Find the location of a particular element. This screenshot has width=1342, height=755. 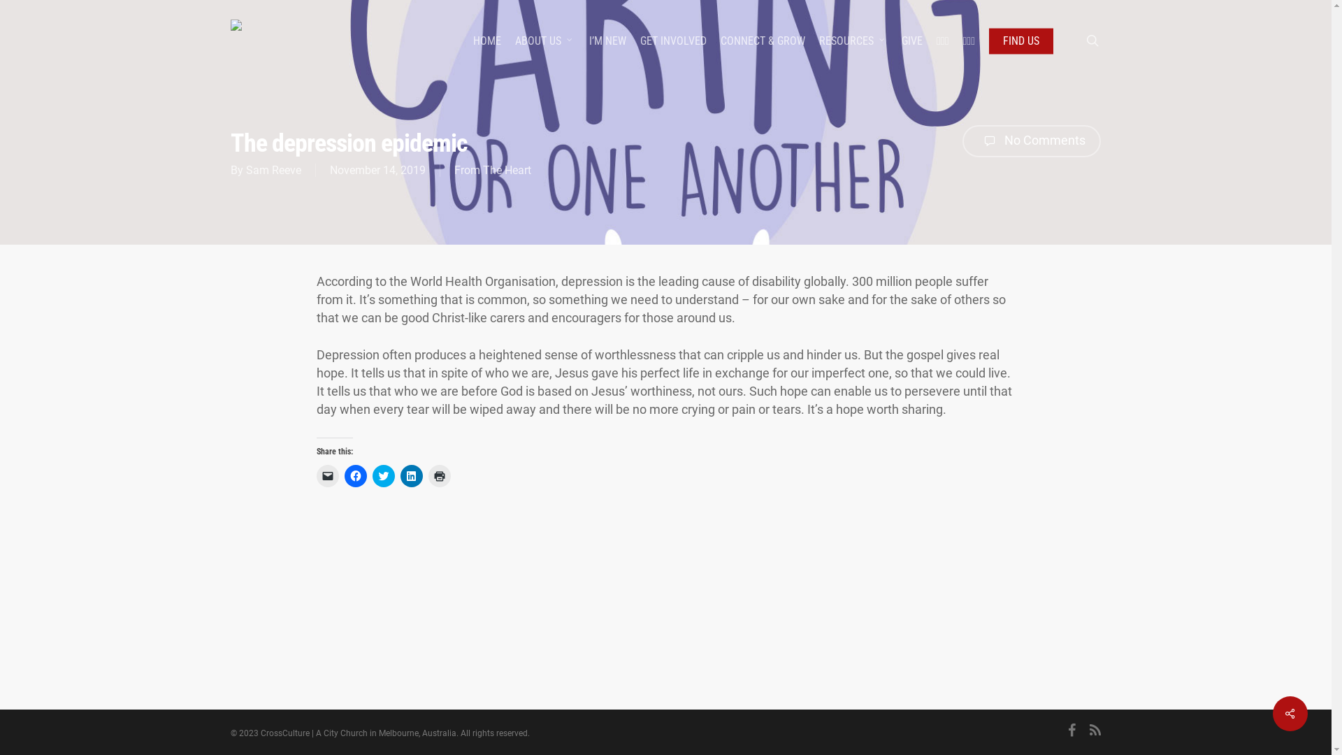

'ABOUT US' is located at coordinates (544, 39).